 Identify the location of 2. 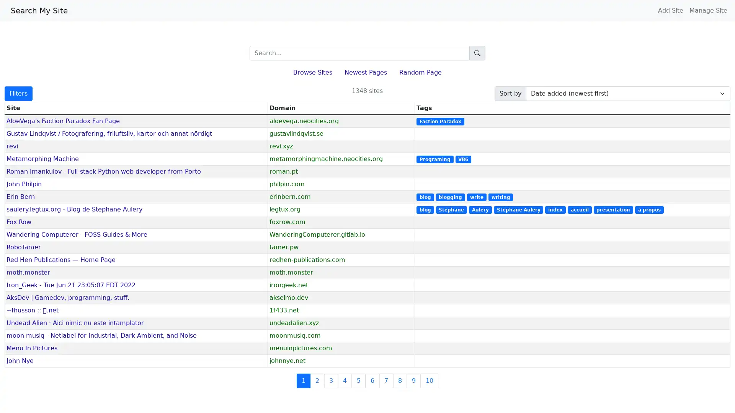
(317, 380).